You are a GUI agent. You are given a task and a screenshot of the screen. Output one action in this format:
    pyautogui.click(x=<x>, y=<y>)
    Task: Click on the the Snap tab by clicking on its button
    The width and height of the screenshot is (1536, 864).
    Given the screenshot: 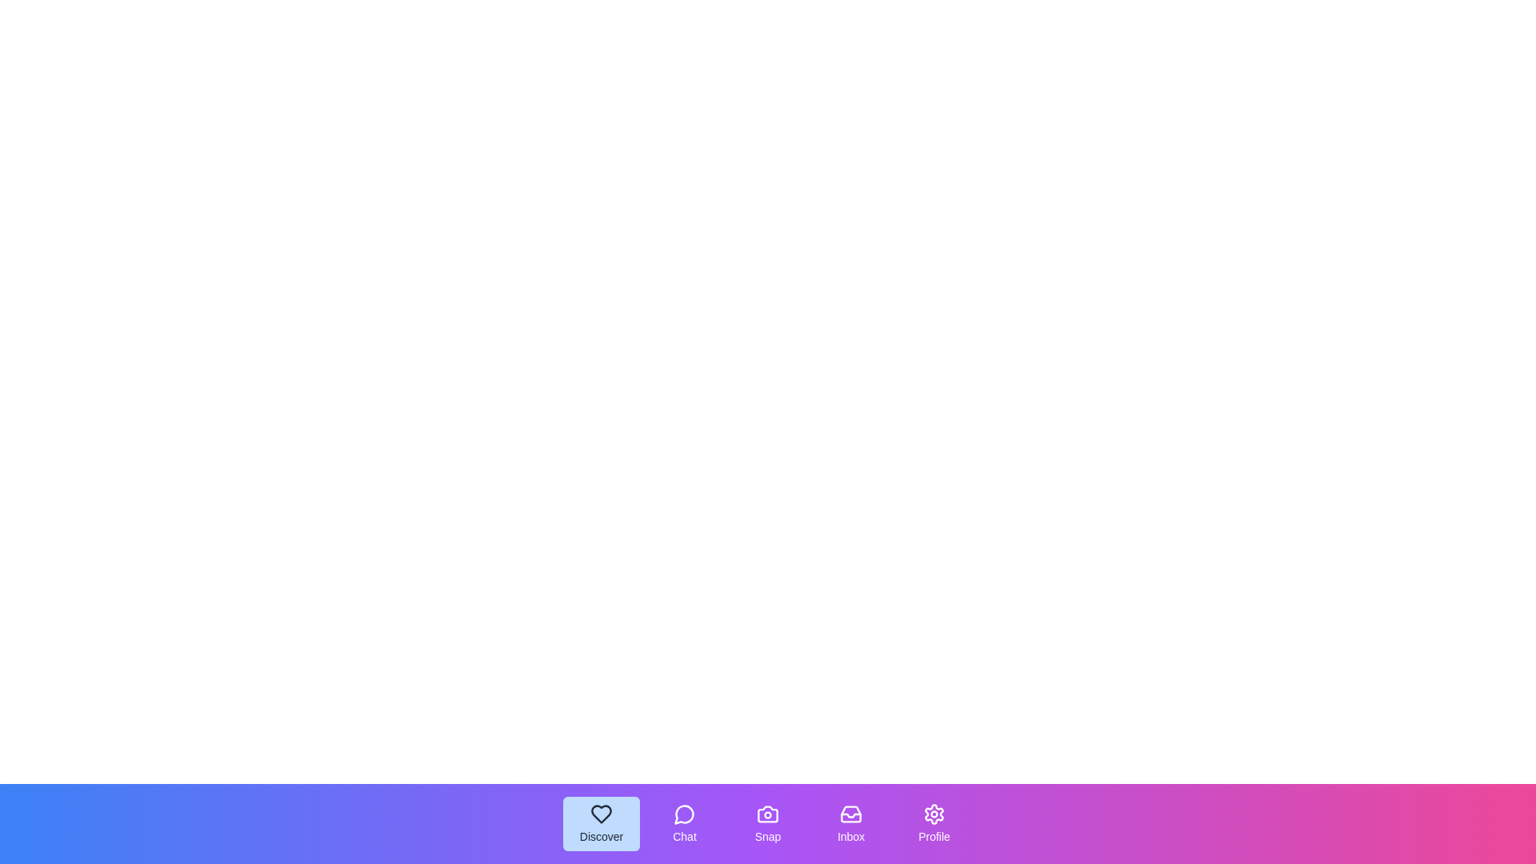 What is the action you would take?
    pyautogui.click(x=768, y=823)
    